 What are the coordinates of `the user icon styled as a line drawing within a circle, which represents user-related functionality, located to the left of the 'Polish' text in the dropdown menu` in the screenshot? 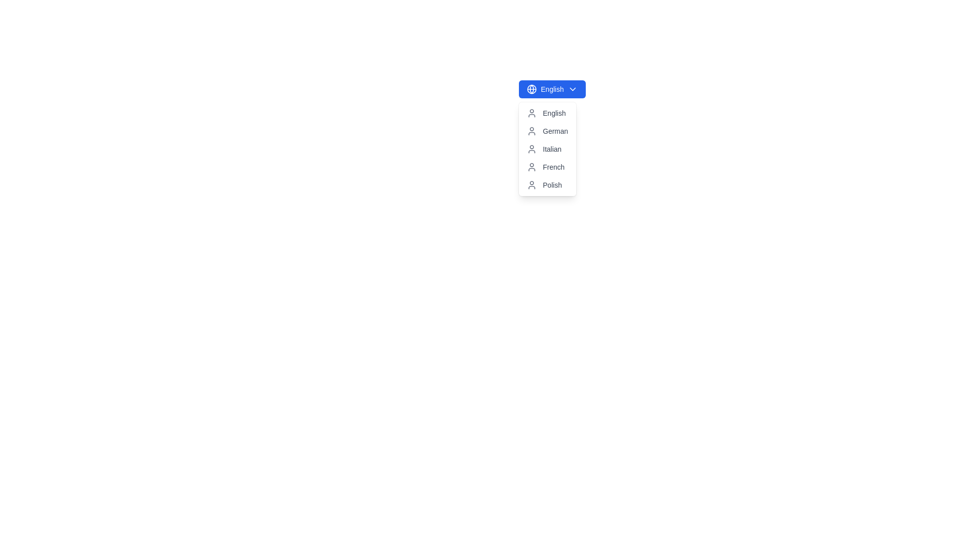 It's located at (531, 185).